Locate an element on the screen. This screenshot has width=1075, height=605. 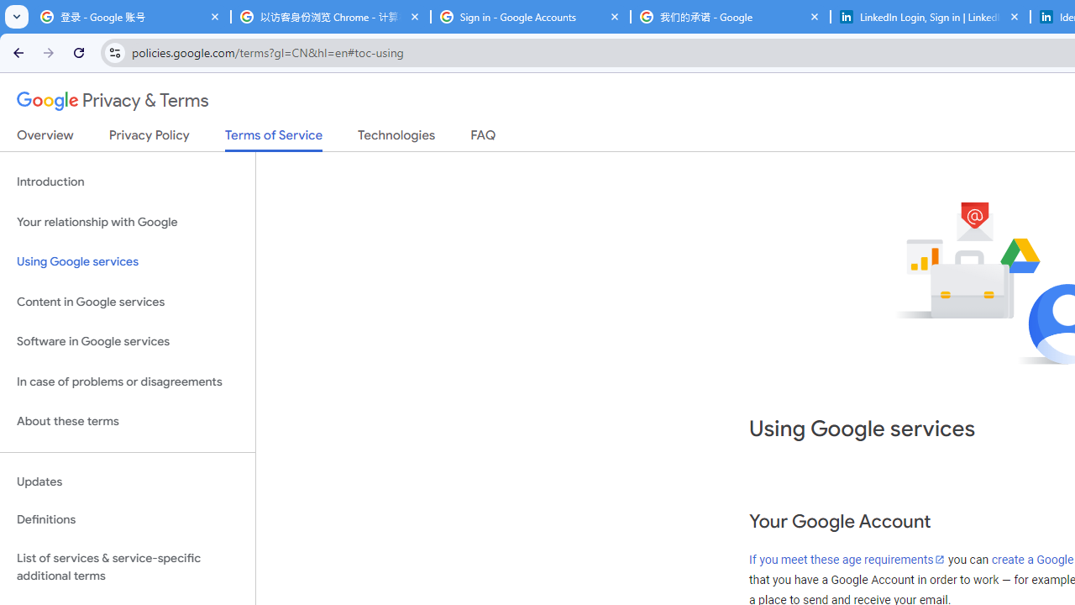
'FAQ' is located at coordinates (483, 138).